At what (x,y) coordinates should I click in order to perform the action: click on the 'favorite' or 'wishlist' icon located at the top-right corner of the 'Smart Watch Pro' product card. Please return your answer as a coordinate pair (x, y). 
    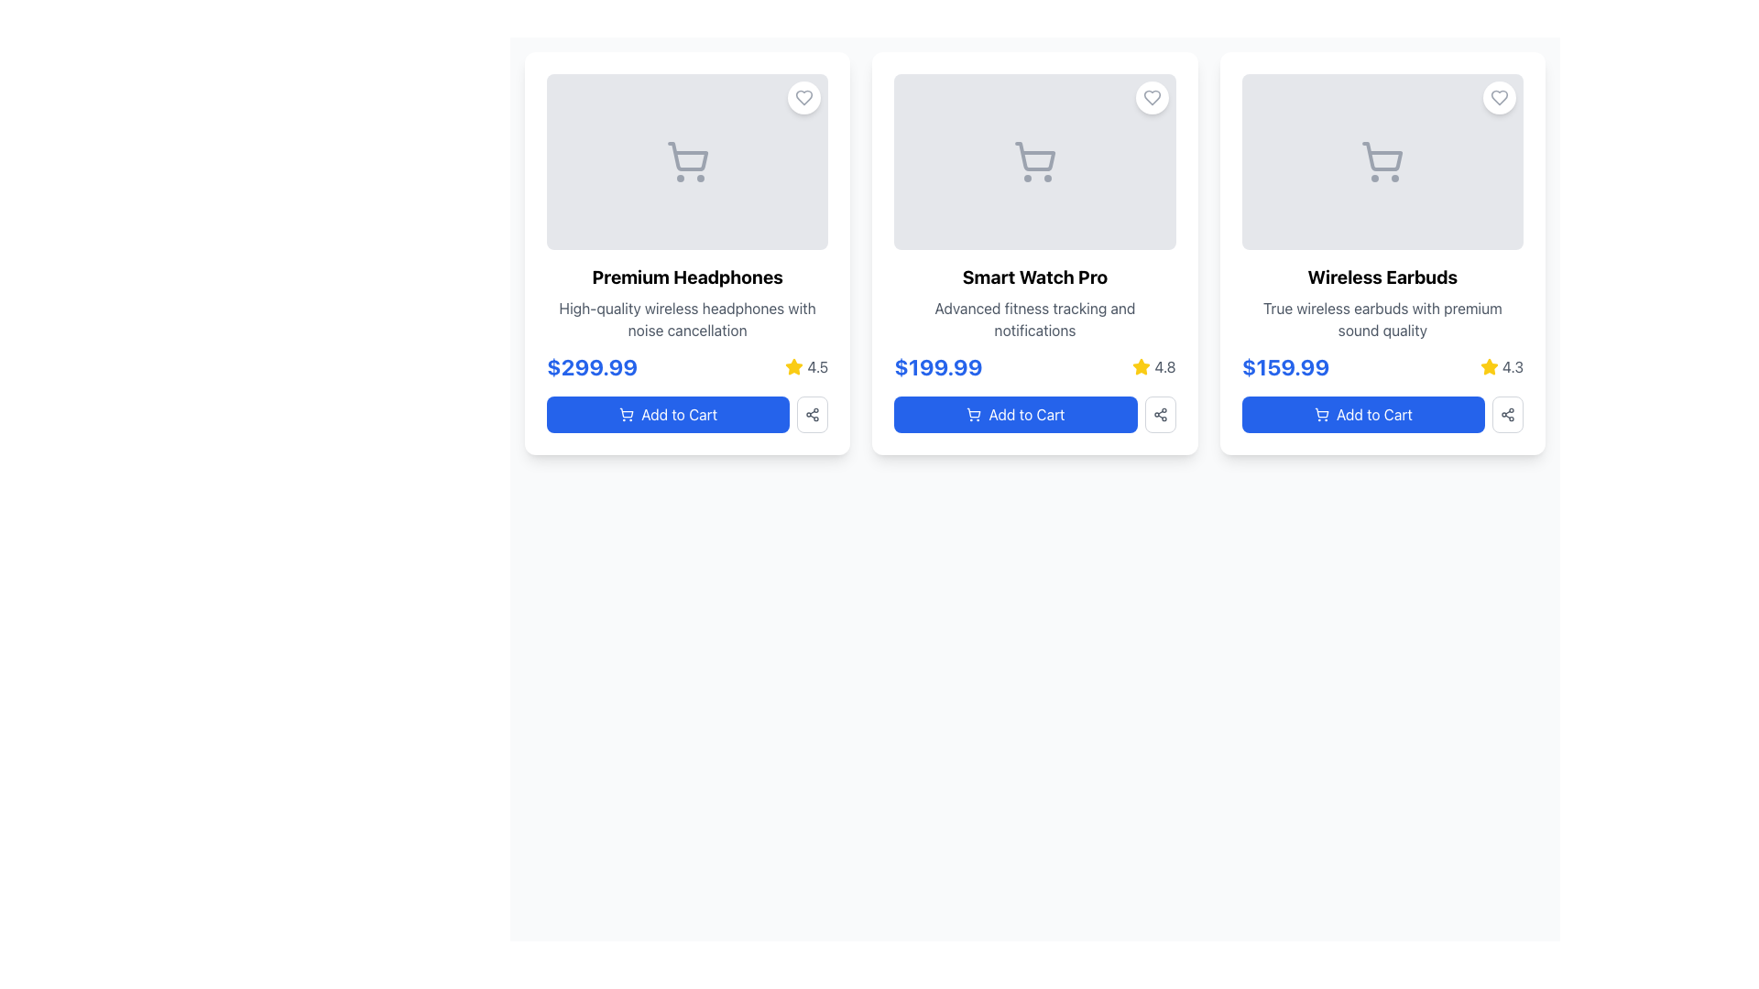
    Looking at the image, I should click on (804, 98).